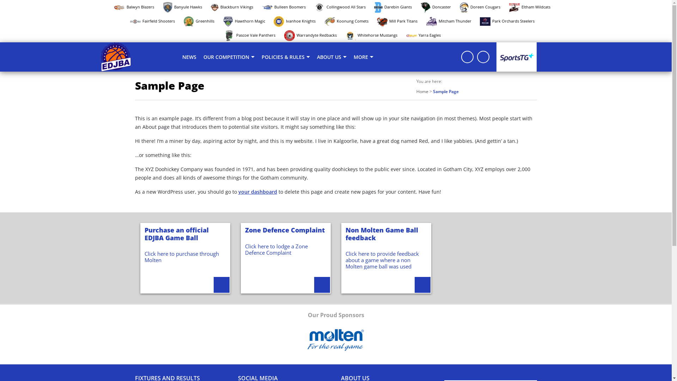 The height and width of the screenshot is (381, 677). Describe the element at coordinates (401, 20) in the screenshot. I see `'Mill Park Titans'` at that location.